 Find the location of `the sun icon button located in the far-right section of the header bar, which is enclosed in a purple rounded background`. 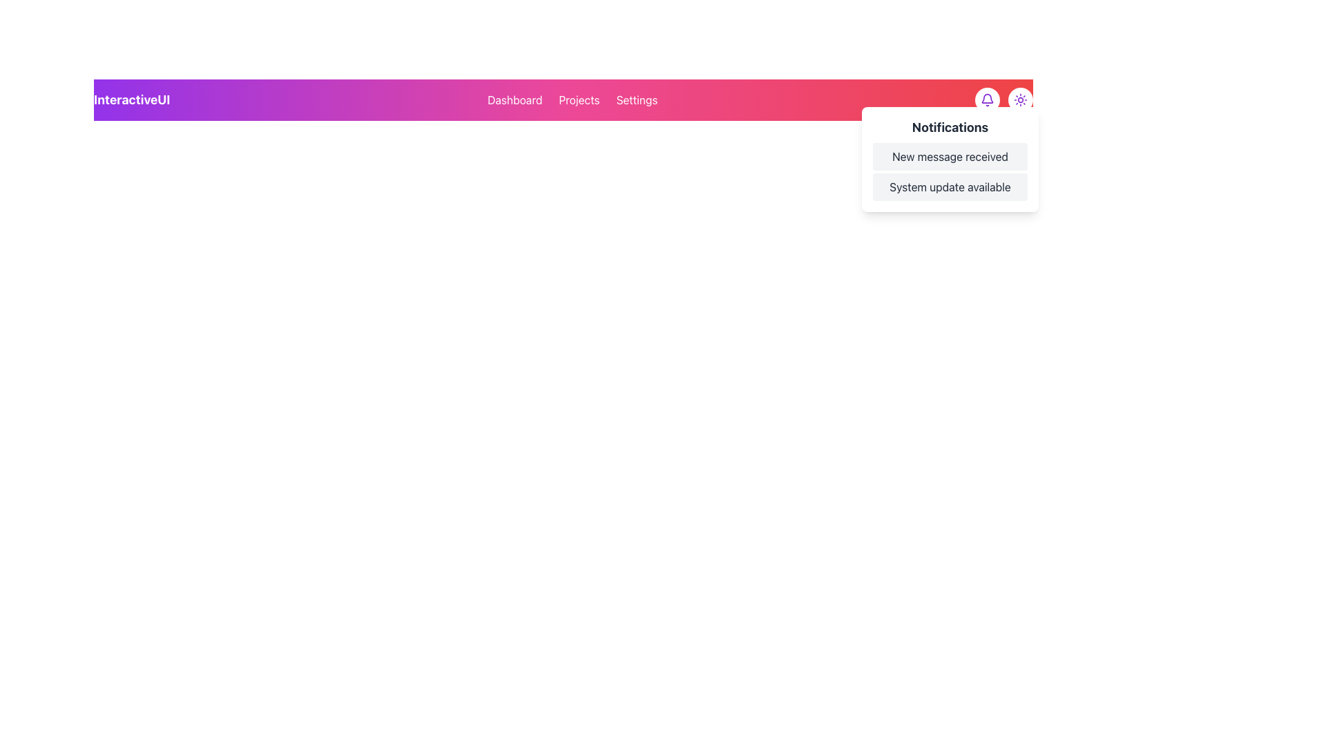

the sun icon button located in the far-right section of the header bar, which is enclosed in a purple rounded background is located at coordinates (1021, 99).